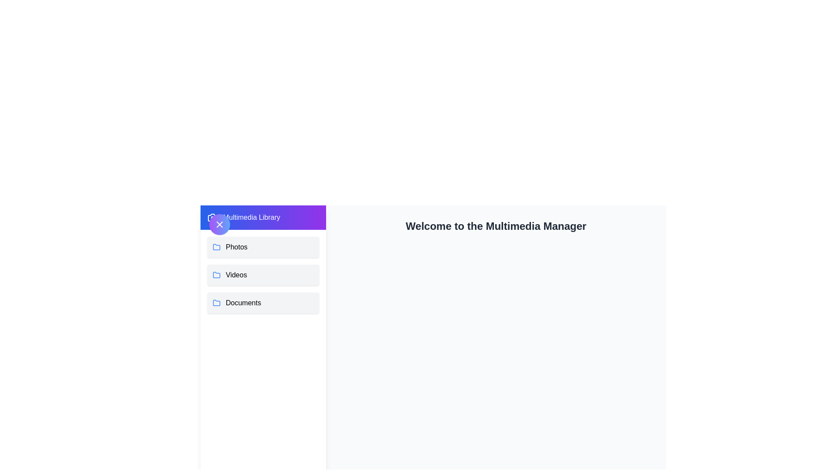 The image size is (837, 471). Describe the element at coordinates (263, 217) in the screenshot. I see `the title text 'Multimedia Library'` at that location.